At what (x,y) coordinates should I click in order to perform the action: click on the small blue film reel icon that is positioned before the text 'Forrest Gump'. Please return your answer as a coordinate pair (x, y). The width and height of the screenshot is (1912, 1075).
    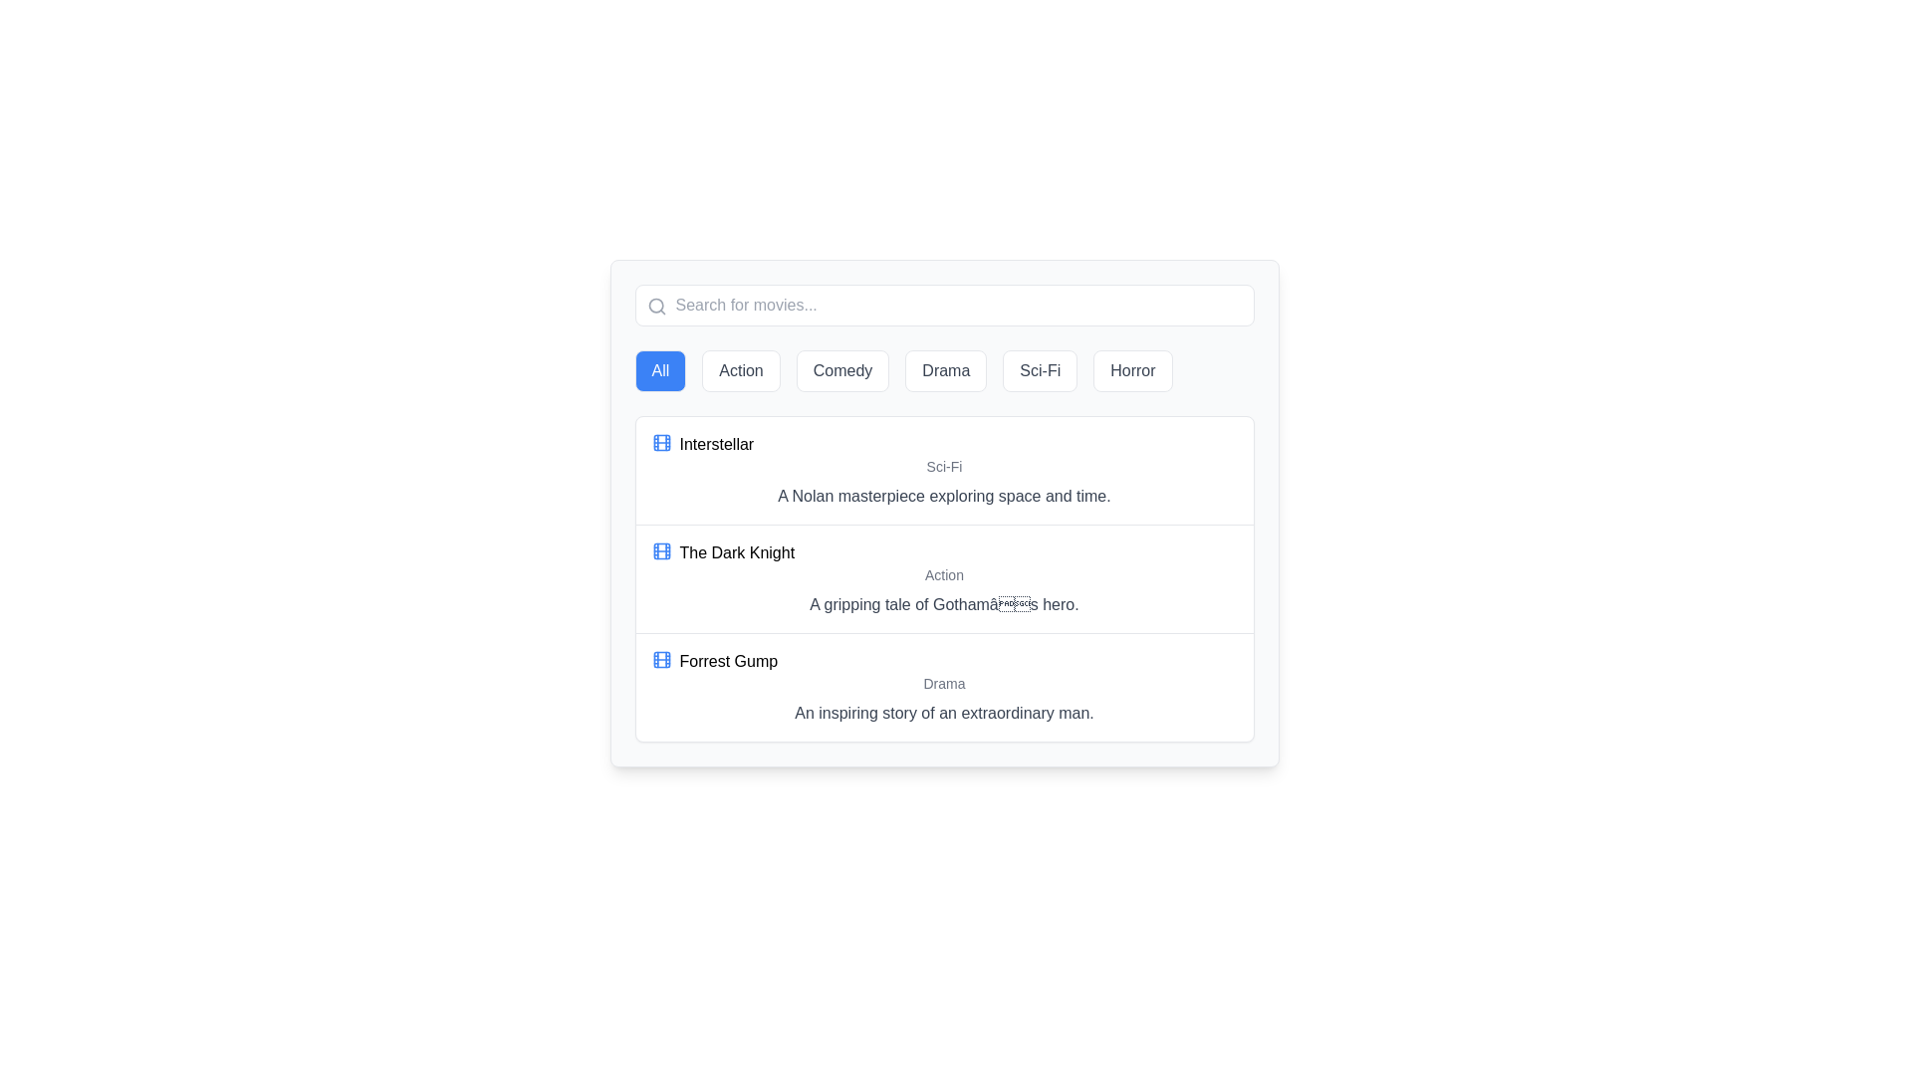
    Looking at the image, I should click on (661, 660).